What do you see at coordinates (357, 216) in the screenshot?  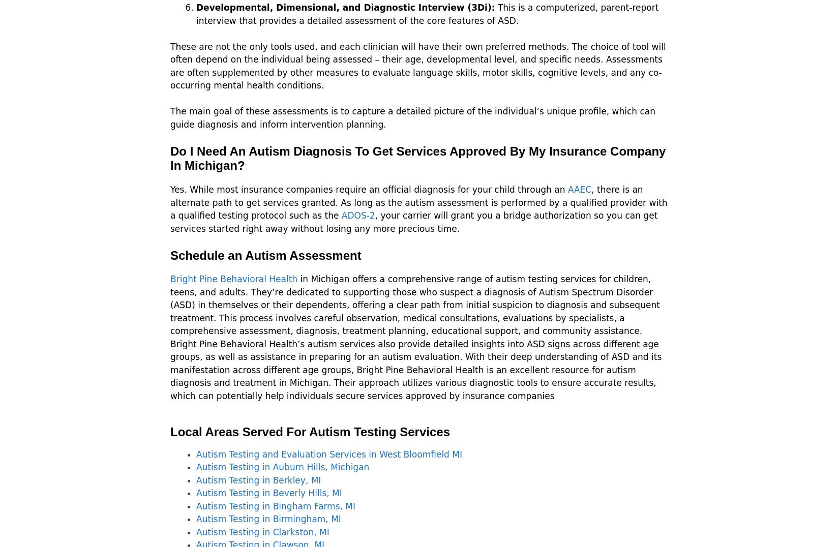 I see `'ADOS-2'` at bounding box center [357, 216].